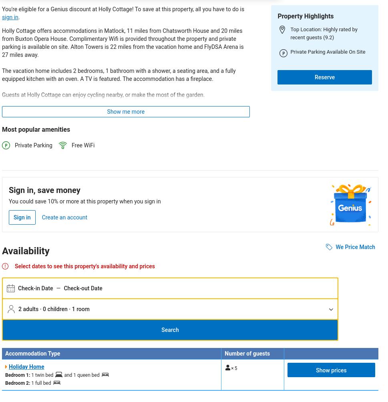 Image resolution: width=388 pixels, height=402 pixels. Describe the element at coordinates (53, 309) in the screenshot. I see `'2 adults · 0 children · 1 room'` at that location.